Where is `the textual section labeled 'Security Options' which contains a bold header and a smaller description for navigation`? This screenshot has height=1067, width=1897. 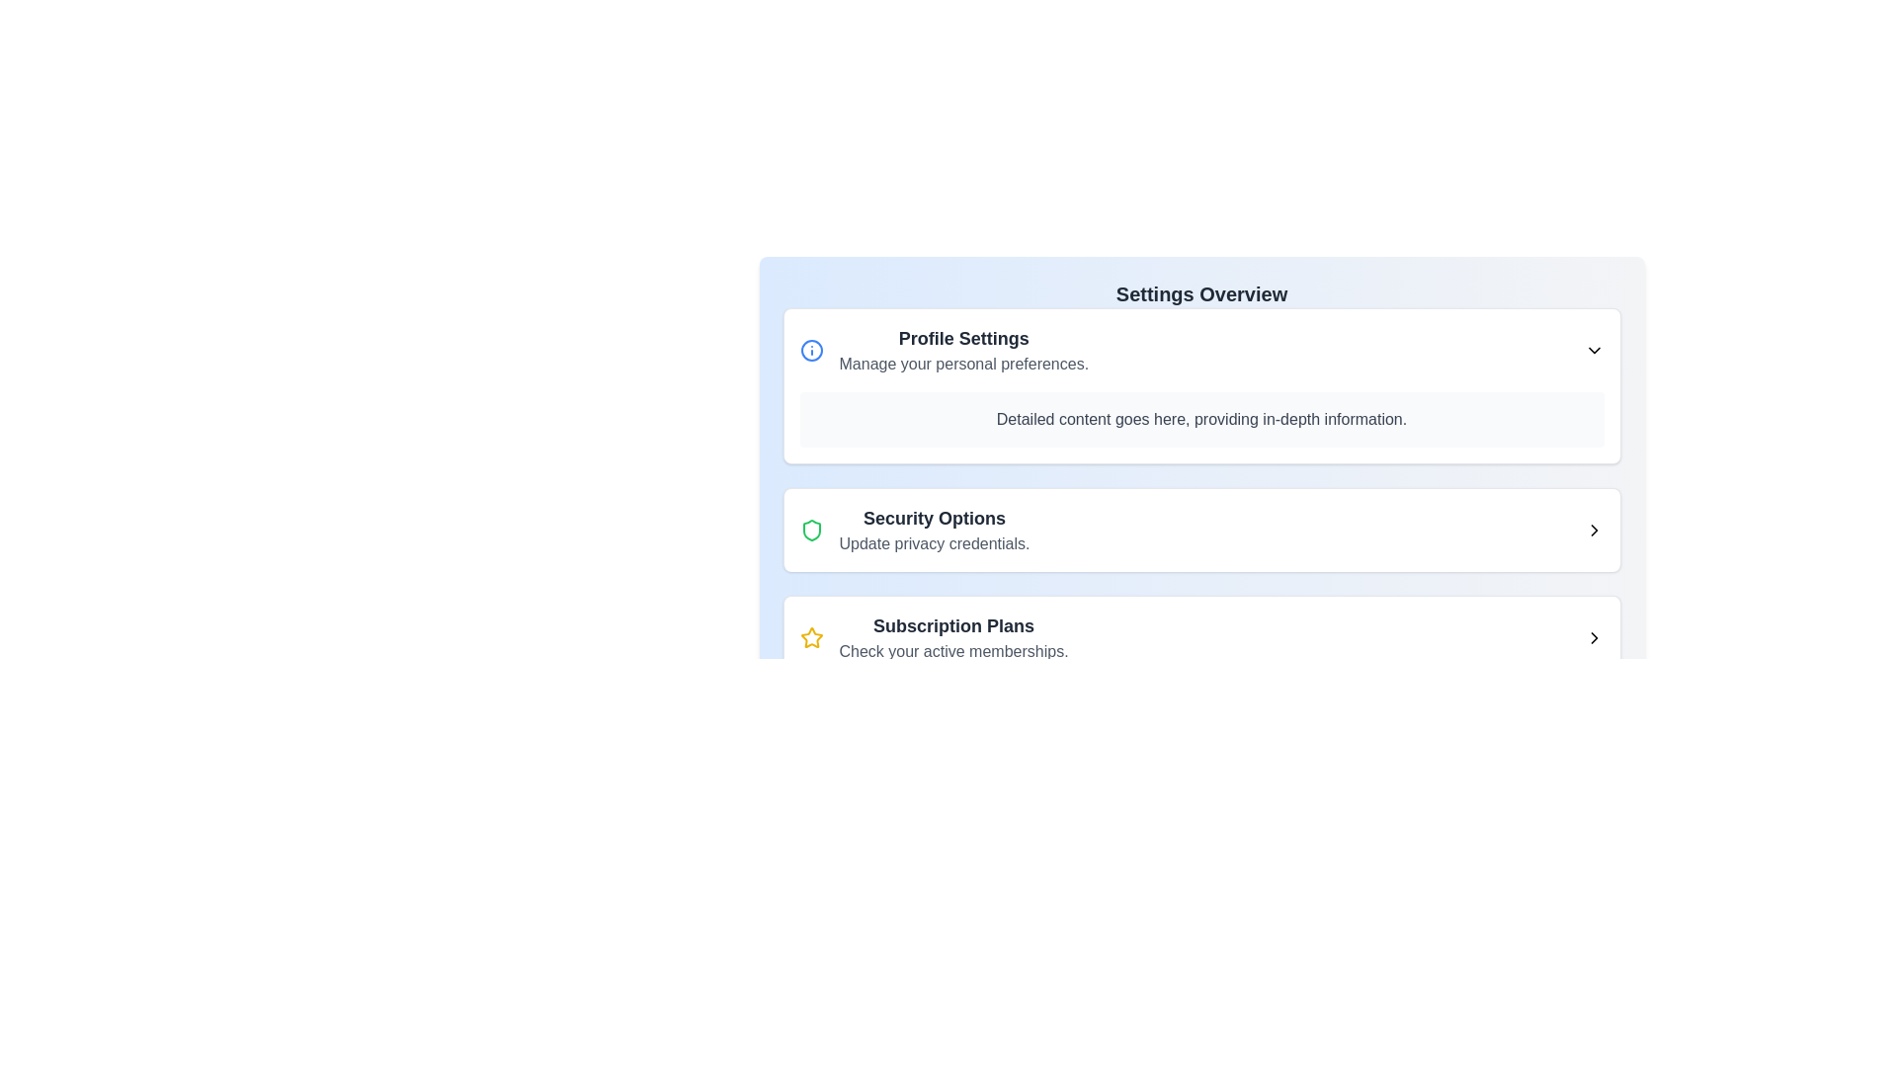
the textual section labeled 'Security Options' which contains a bold header and a smaller description for navigation is located at coordinates (933, 529).